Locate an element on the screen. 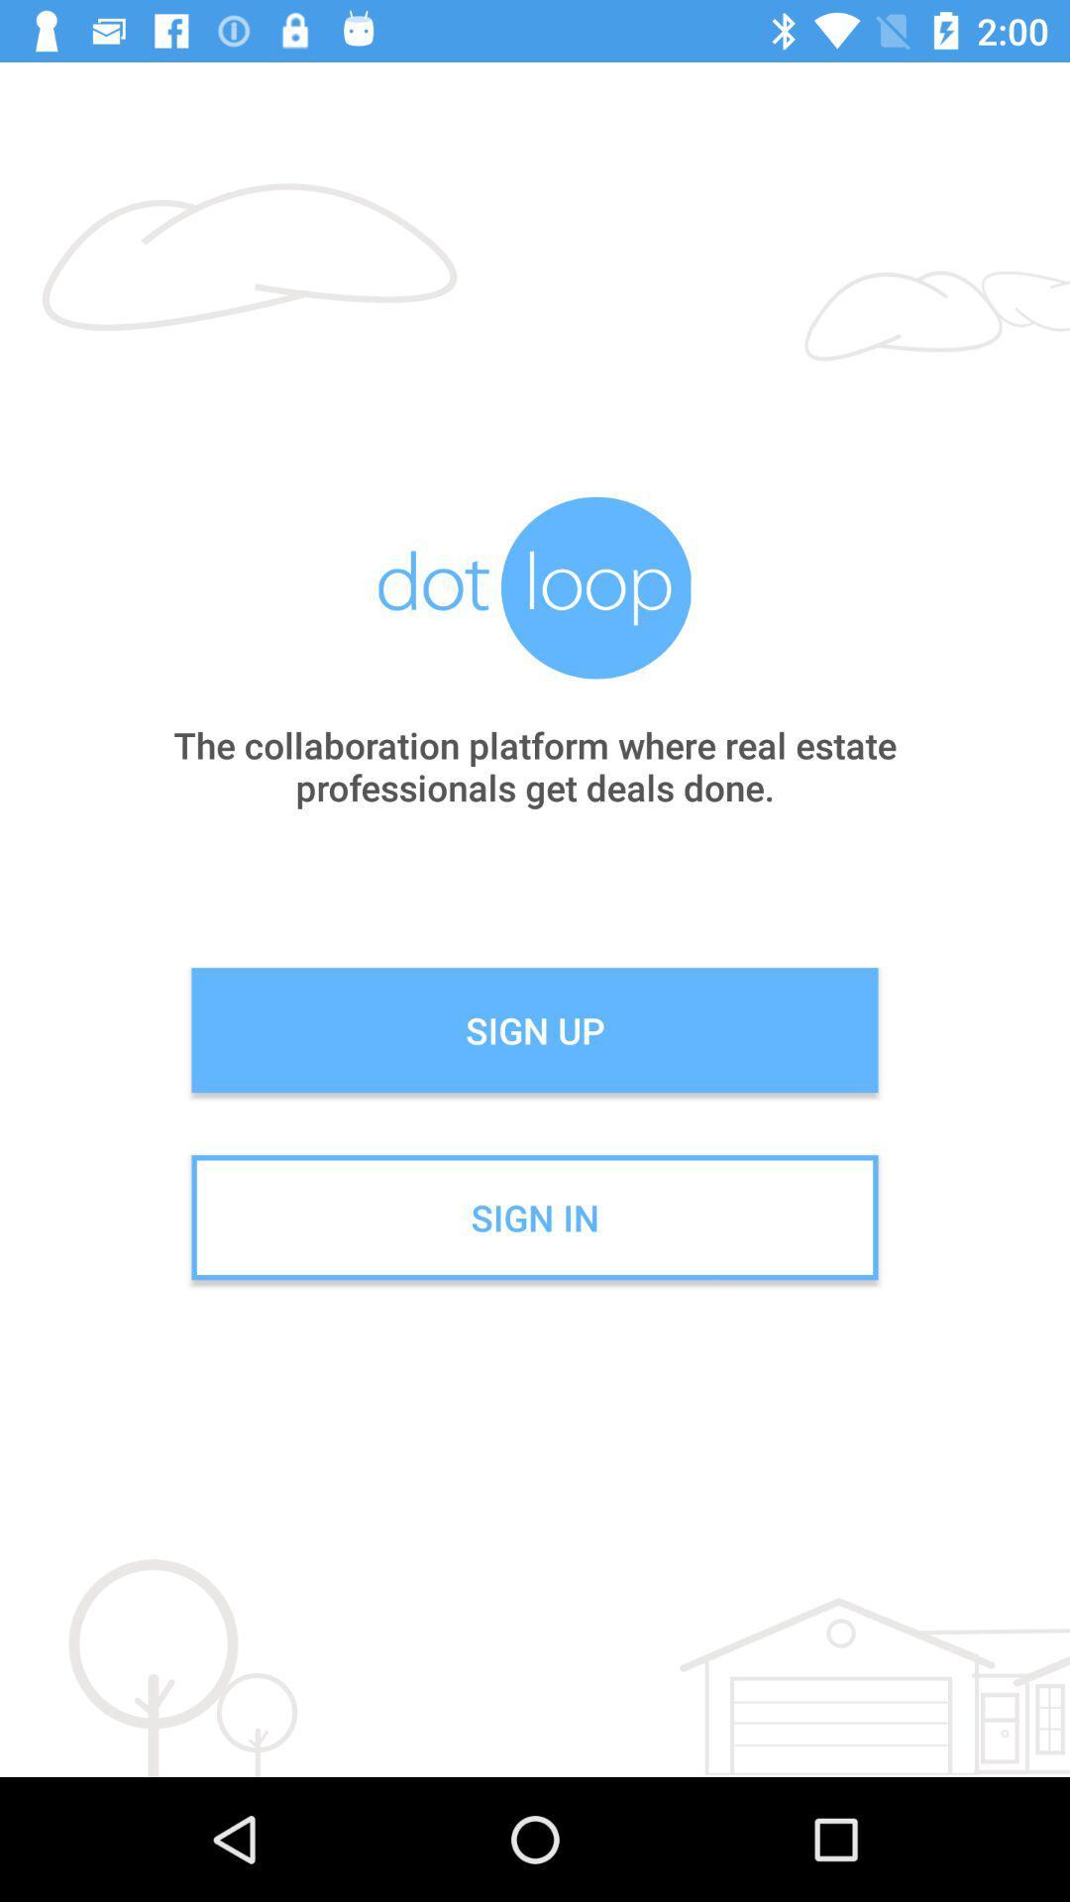 Image resolution: width=1070 pixels, height=1902 pixels. the icon below the sign up is located at coordinates (535, 1216).